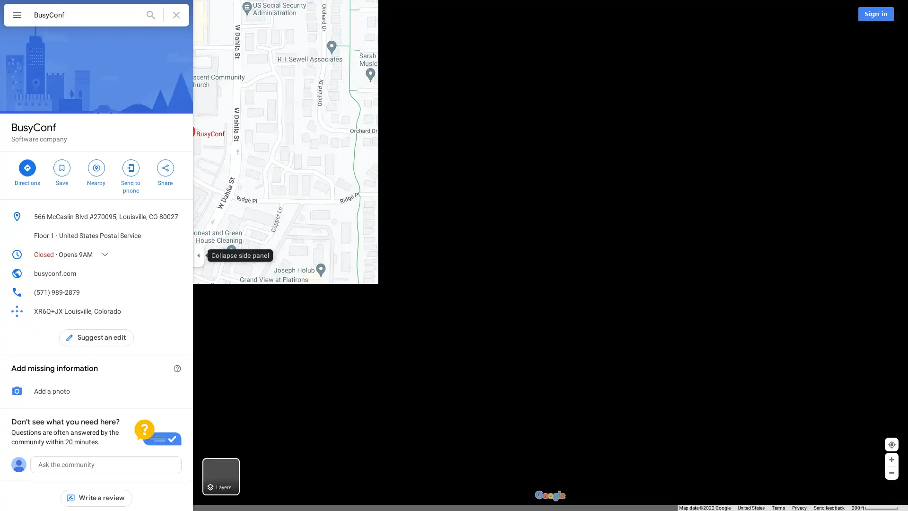 Image resolution: width=908 pixels, height=511 pixels. Describe the element at coordinates (844, 14) in the screenshot. I see `Google apps` at that location.